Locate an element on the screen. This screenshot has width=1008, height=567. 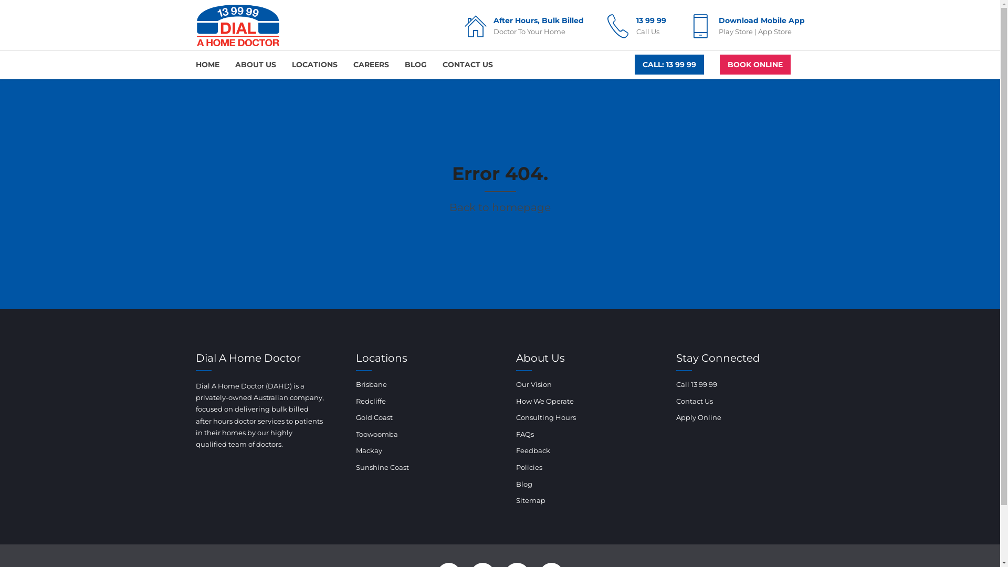
'CALL: 13 99 99' is located at coordinates (668, 65).